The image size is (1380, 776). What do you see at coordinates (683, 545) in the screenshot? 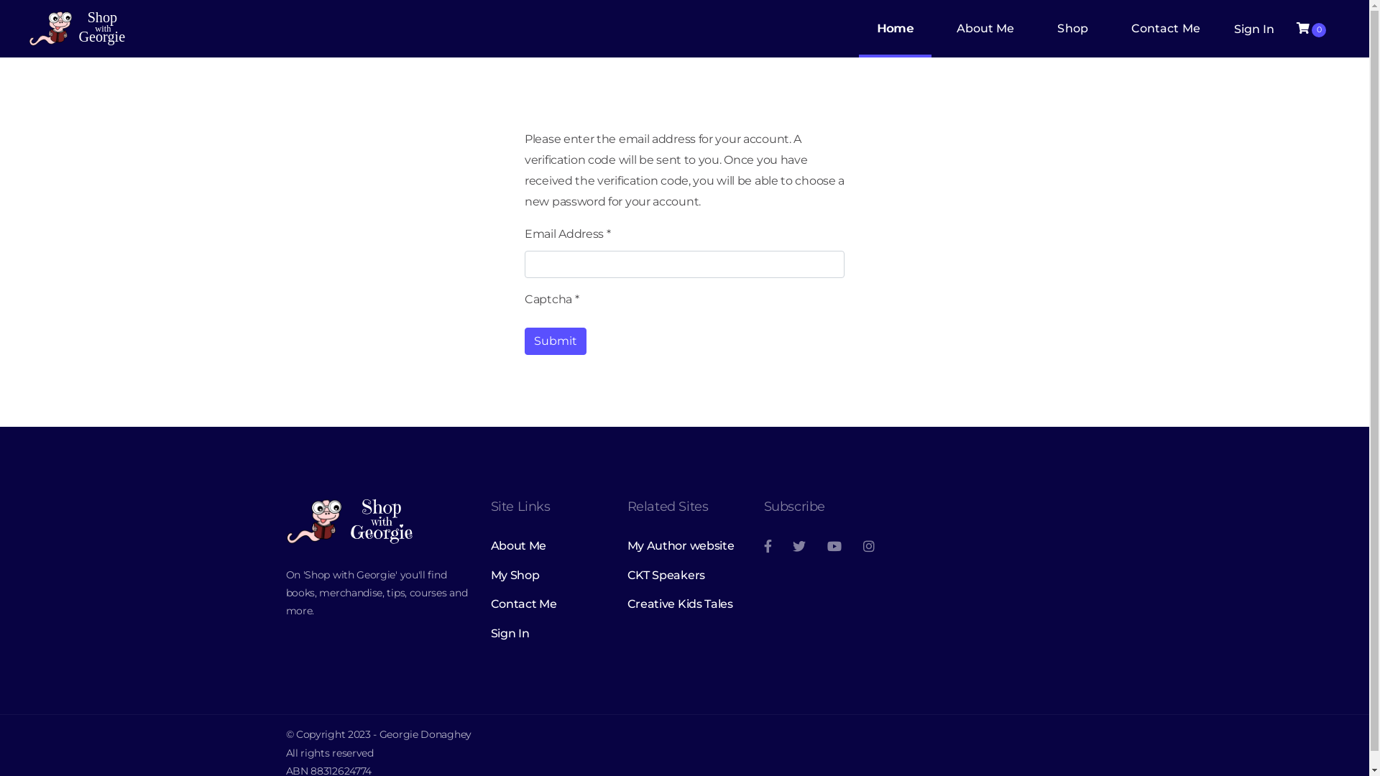
I see `'My Author website'` at bounding box center [683, 545].